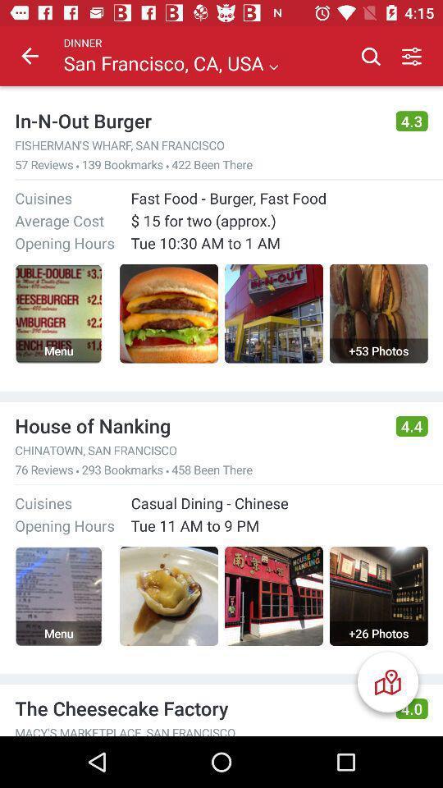 Image resolution: width=443 pixels, height=788 pixels. I want to click on icon below fast food burger item, so click(278, 219).